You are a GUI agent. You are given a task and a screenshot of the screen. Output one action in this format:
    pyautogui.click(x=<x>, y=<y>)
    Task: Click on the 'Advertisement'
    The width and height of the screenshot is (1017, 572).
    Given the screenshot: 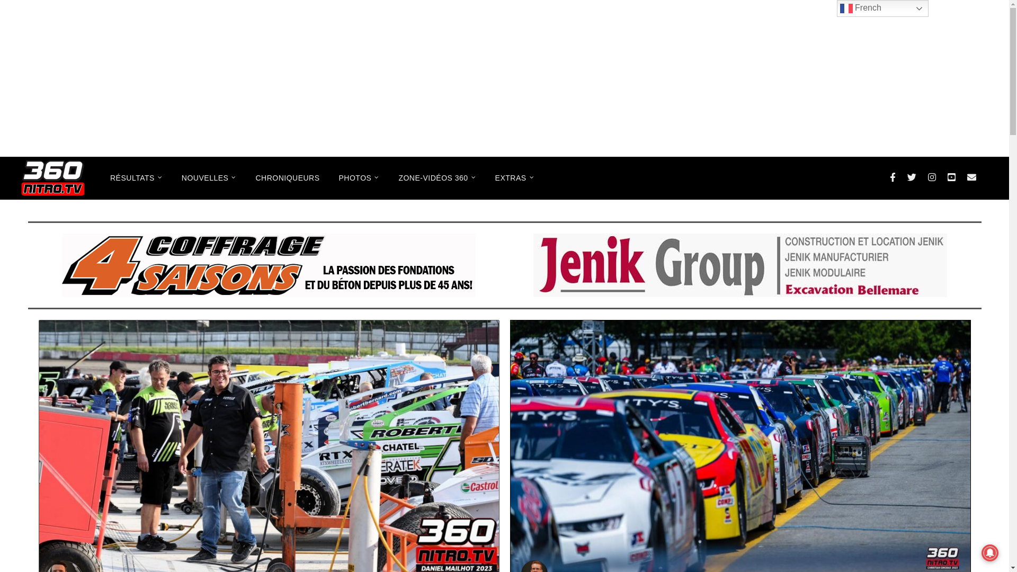 What is the action you would take?
    pyautogui.click(x=503, y=77)
    